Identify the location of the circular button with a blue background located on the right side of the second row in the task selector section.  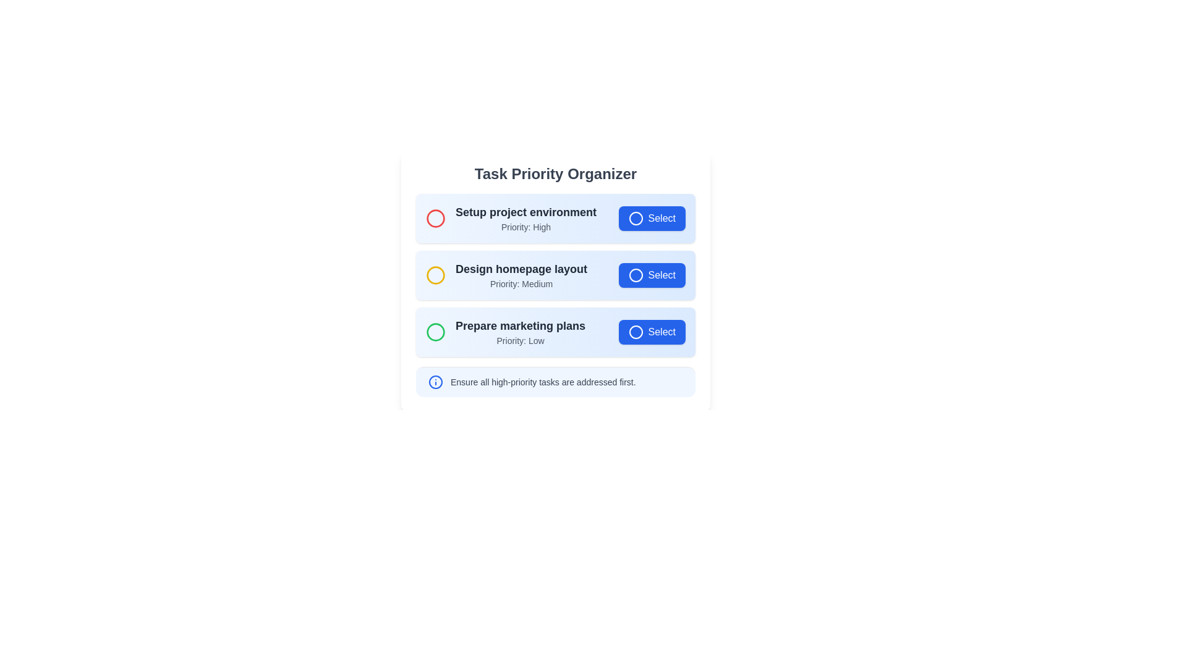
(636, 275).